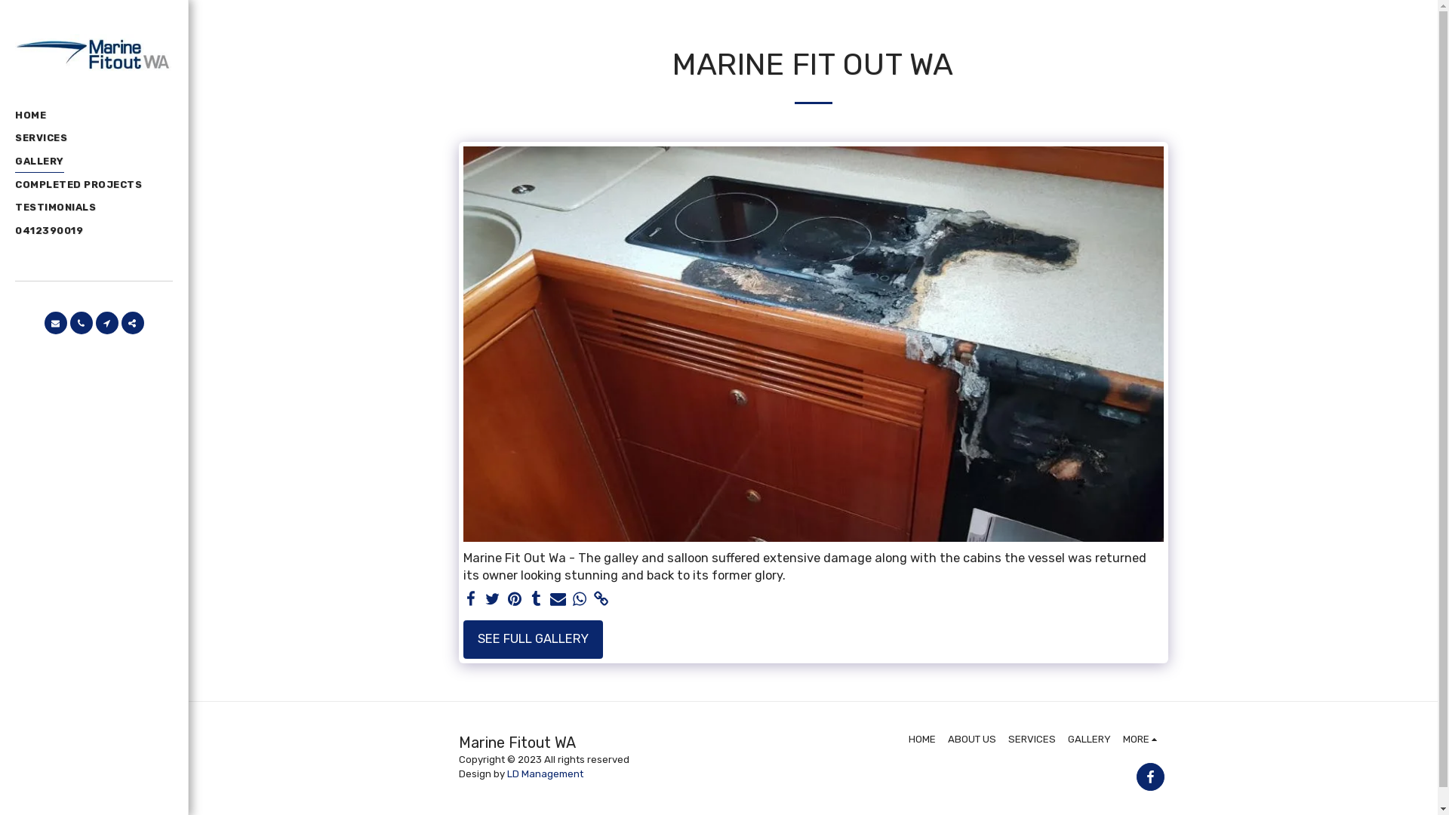 Image resolution: width=1449 pixels, height=815 pixels. What do you see at coordinates (557, 598) in the screenshot?
I see `'Share by Email'` at bounding box center [557, 598].